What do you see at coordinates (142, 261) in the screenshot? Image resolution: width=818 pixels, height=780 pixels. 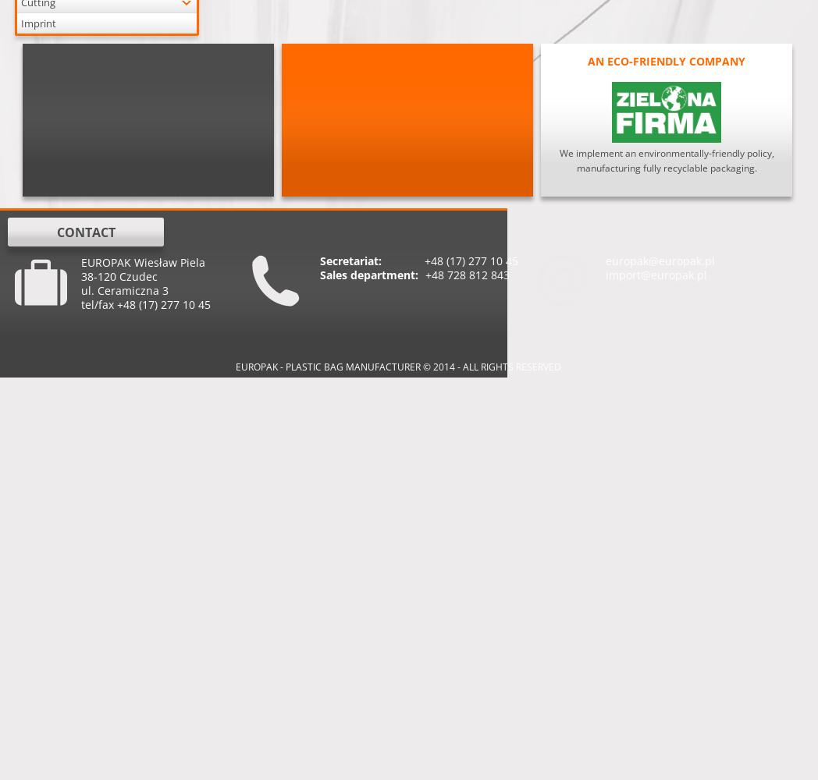 I see `'EUROPAK Wiesław Piela'` at bounding box center [142, 261].